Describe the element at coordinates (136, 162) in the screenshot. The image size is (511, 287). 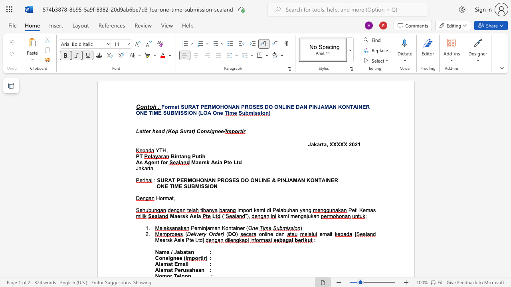
I see `the subset text "As Agent for" within the text "As Agent for"` at that location.